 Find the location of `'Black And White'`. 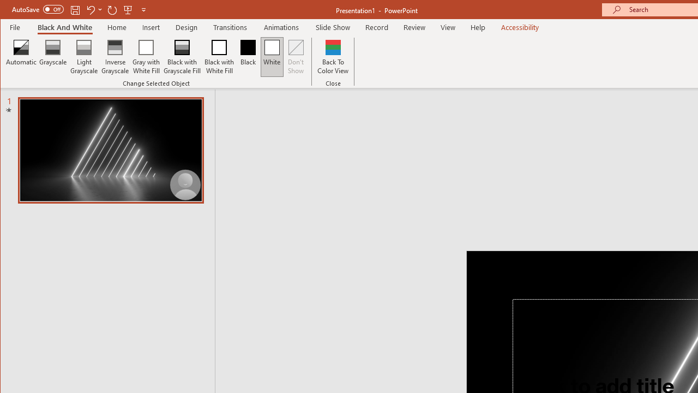

'Black And White' is located at coordinates (64, 27).